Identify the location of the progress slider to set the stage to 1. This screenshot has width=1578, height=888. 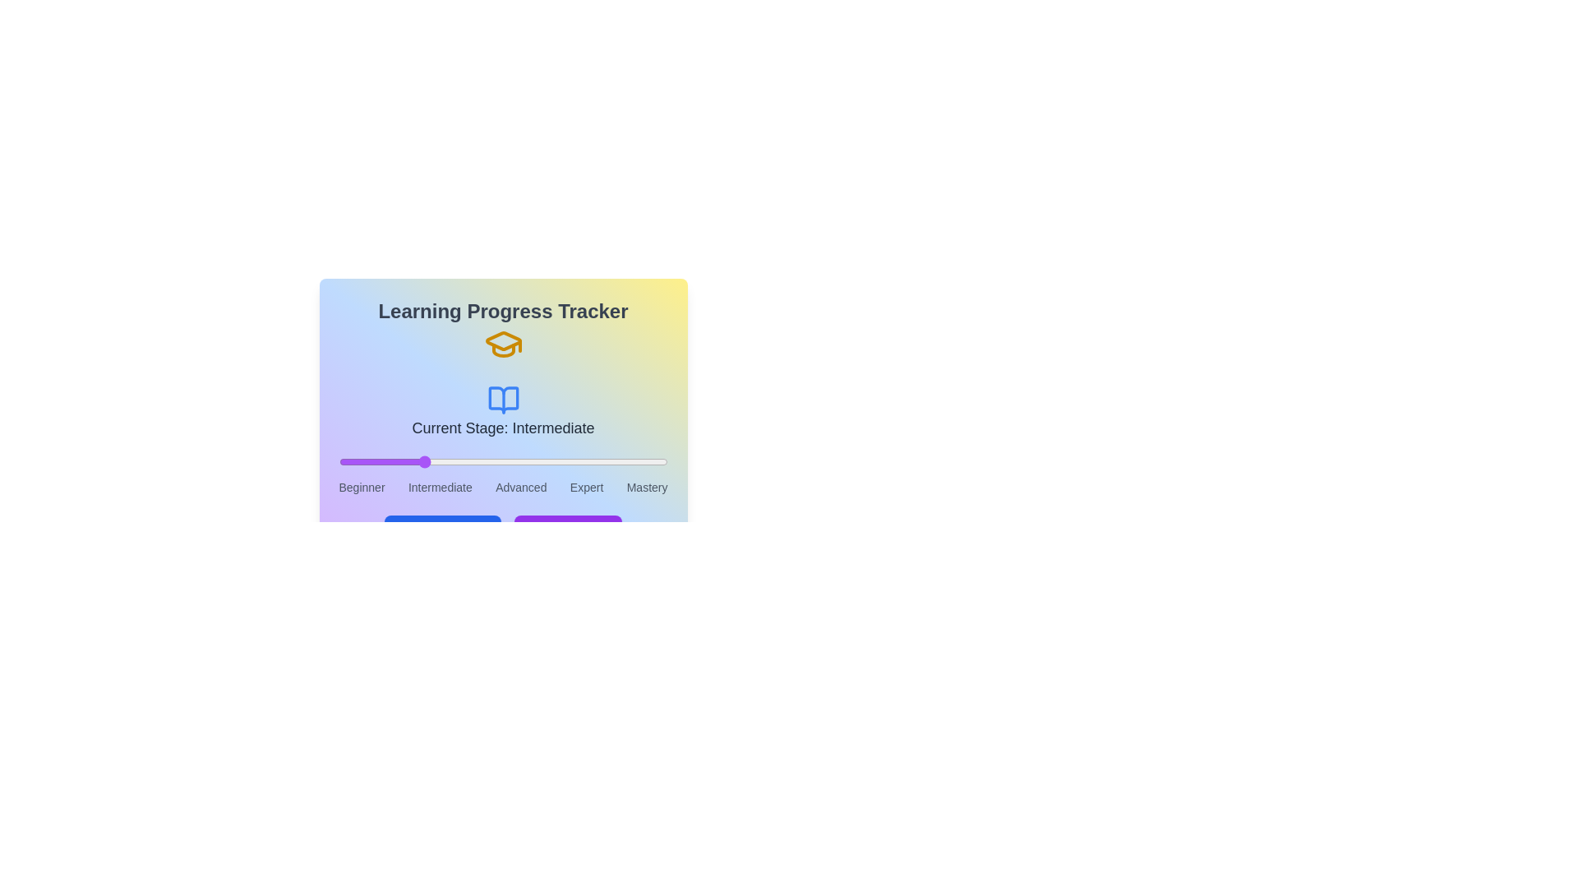
(421, 462).